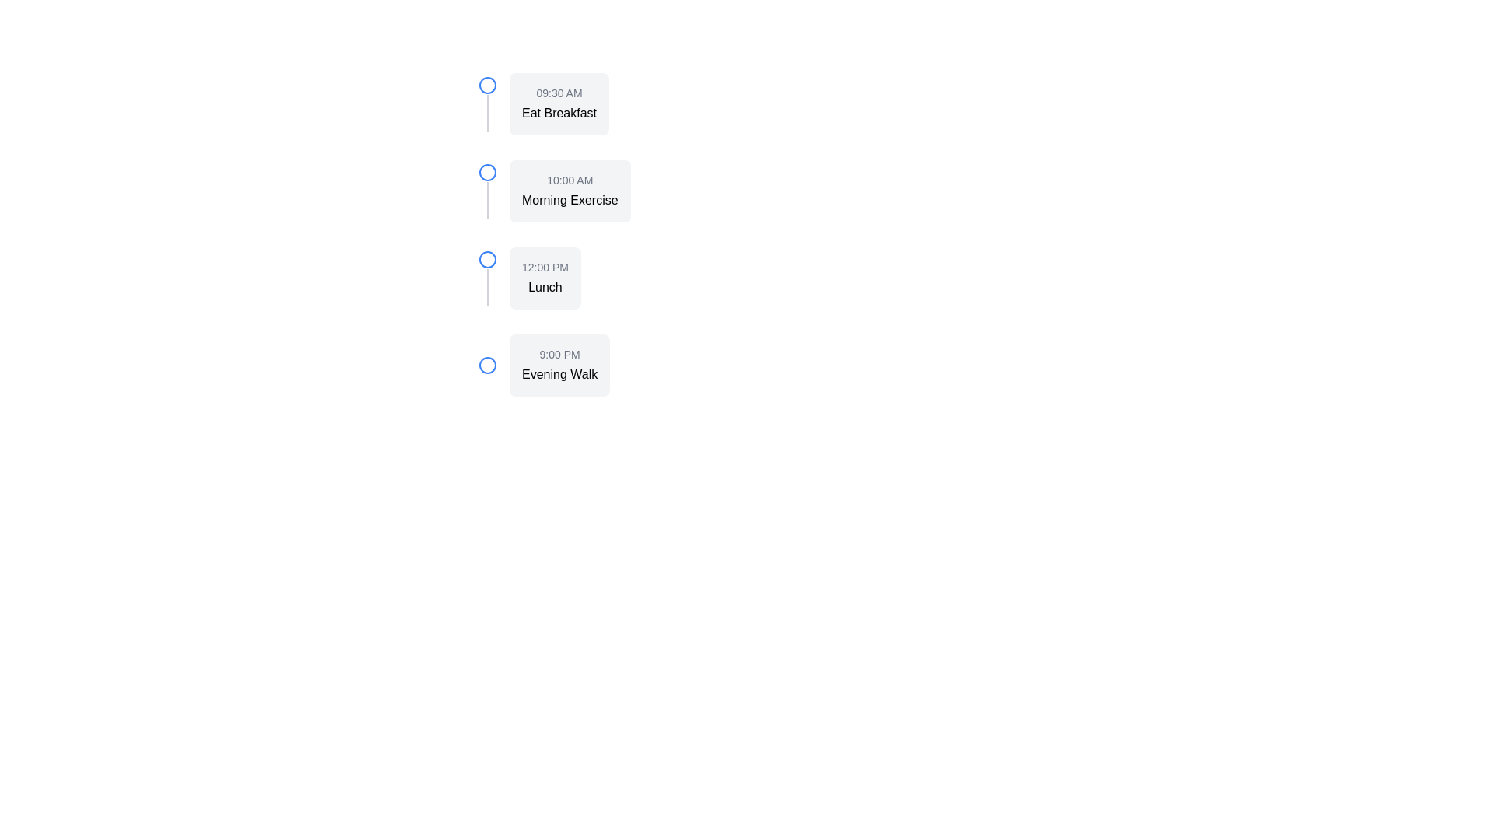  What do you see at coordinates (559, 375) in the screenshot?
I see `the text label that describes the activity scheduled for 9:00 PM, positioned as the second line within the event item in the time-based schedule interface` at bounding box center [559, 375].